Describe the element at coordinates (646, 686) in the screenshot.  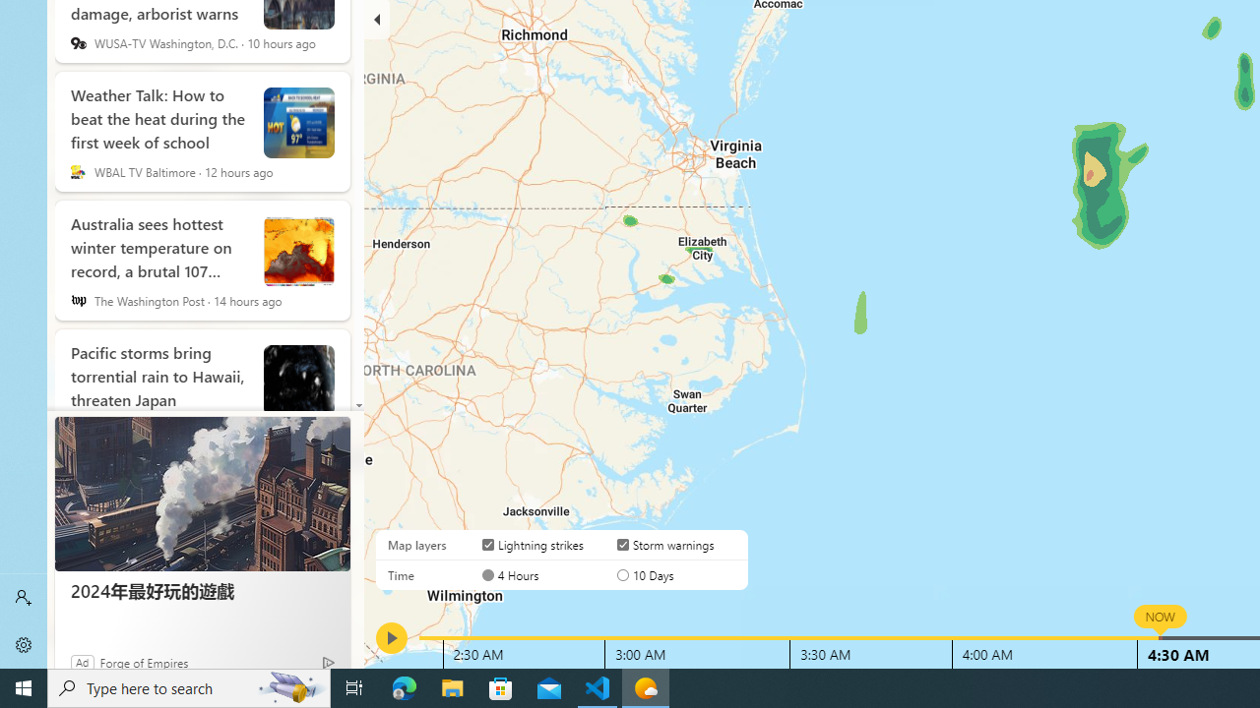
I see `'Weather - 1 running window'` at that location.